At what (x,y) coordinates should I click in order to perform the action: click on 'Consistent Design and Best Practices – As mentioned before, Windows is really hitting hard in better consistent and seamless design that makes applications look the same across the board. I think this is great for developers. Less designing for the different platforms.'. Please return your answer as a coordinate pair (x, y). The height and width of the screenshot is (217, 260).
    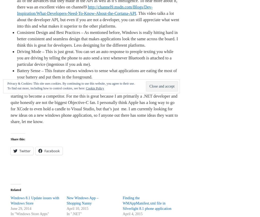
    Looking at the image, I should click on (97, 38).